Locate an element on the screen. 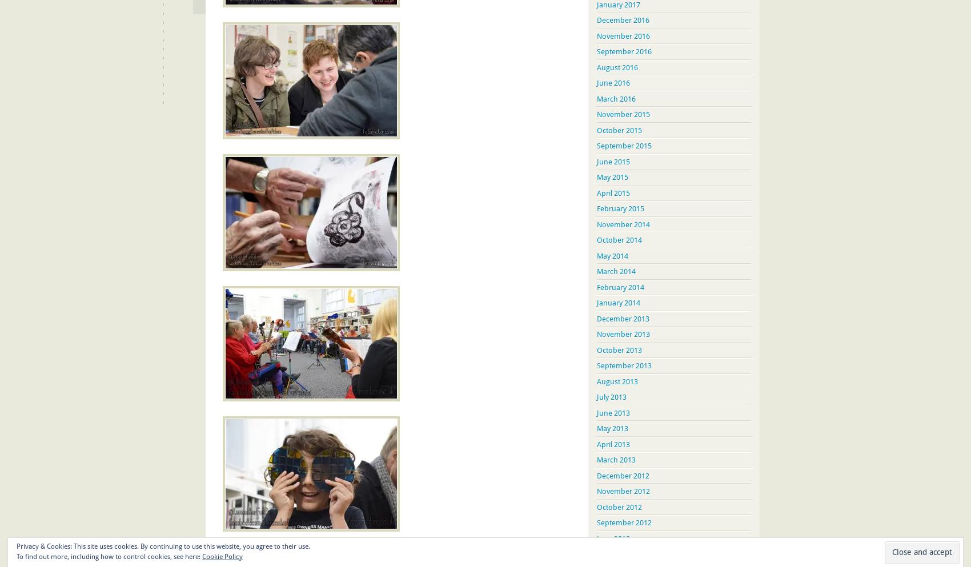 This screenshot has height=567, width=971. 'April 2013' is located at coordinates (613, 443).